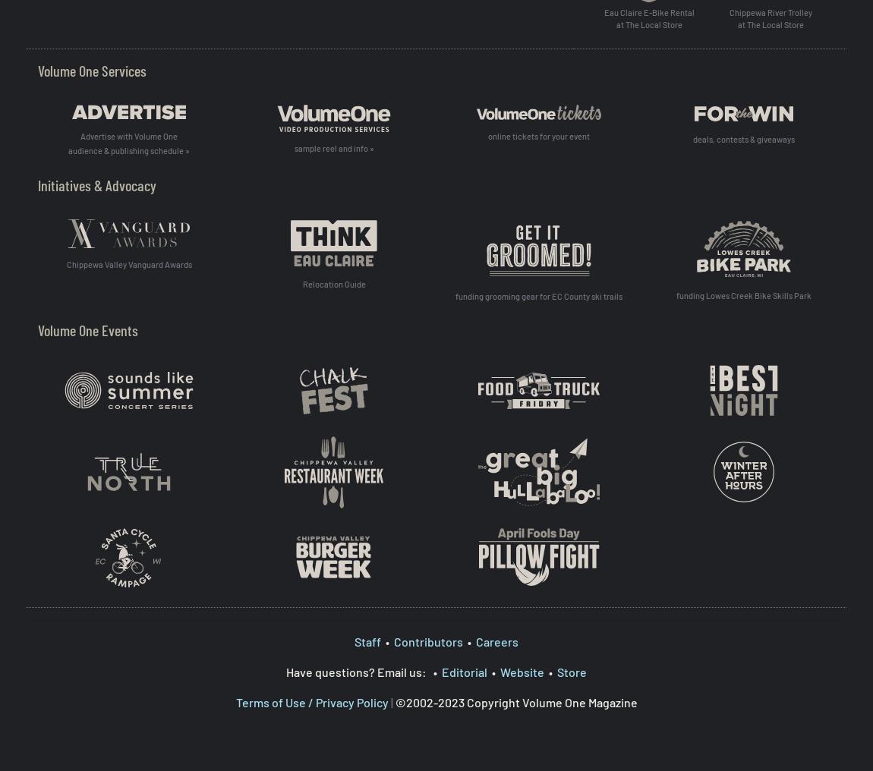 The image size is (873, 771). I want to click on 'Staff', so click(367, 640).